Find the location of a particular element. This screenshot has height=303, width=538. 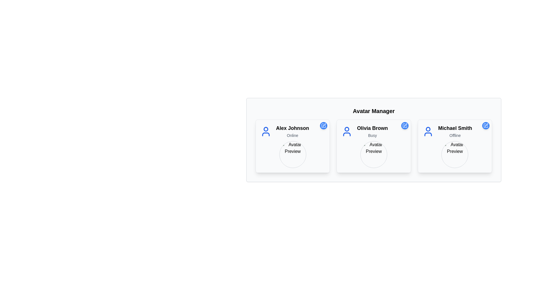

the button in the top-right corner of 'Michael Smith' profile card is located at coordinates (485, 125).